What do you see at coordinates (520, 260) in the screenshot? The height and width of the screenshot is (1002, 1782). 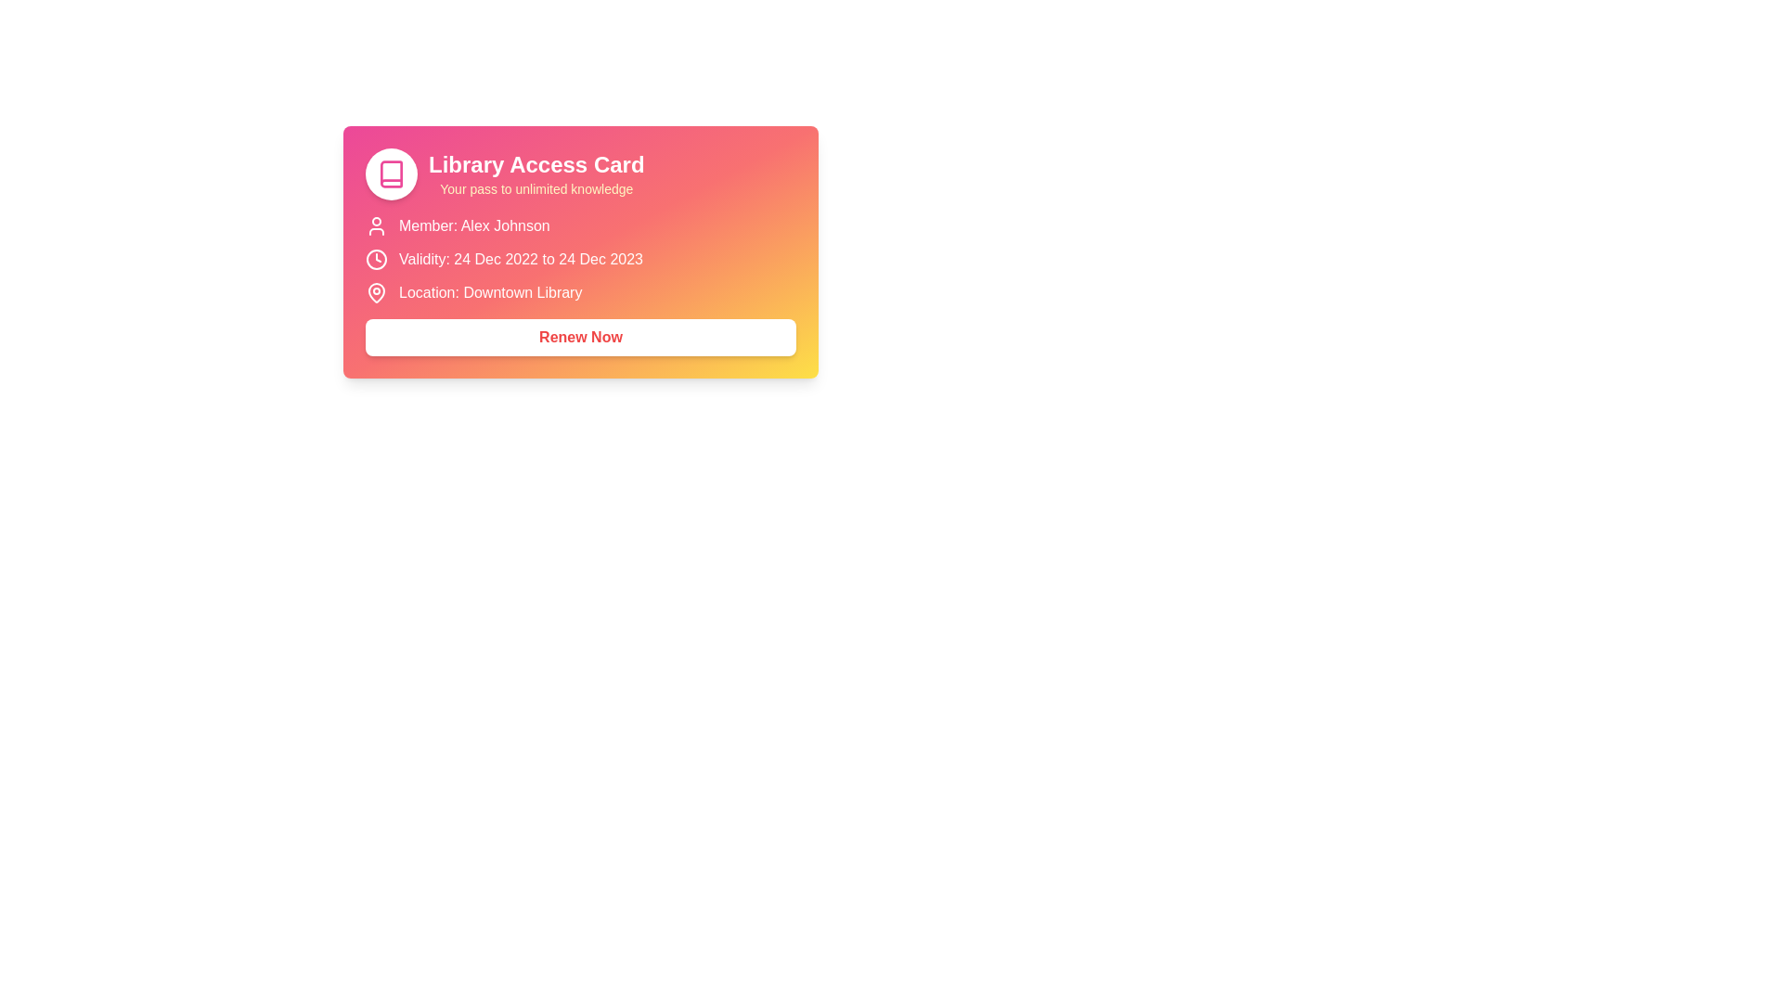 I see `the static text display that informs users about the validity period of their library access, located centrally beneath the title and member name, to the right of a clock icon` at bounding box center [520, 260].